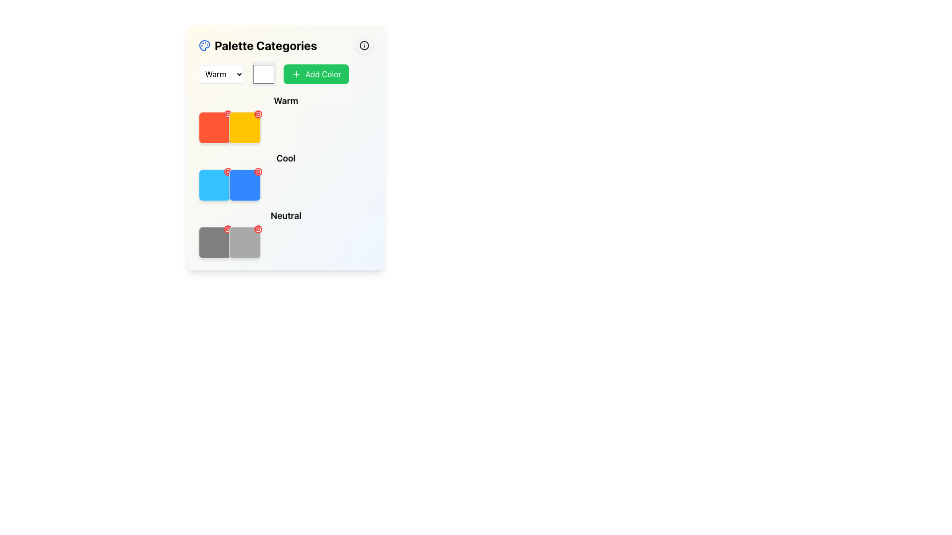 This screenshot has height=535, width=952. What do you see at coordinates (285, 215) in the screenshot?
I see `the Text Label positioned below the 'Cool' section and above the swatches in the grid layout` at bounding box center [285, 215].